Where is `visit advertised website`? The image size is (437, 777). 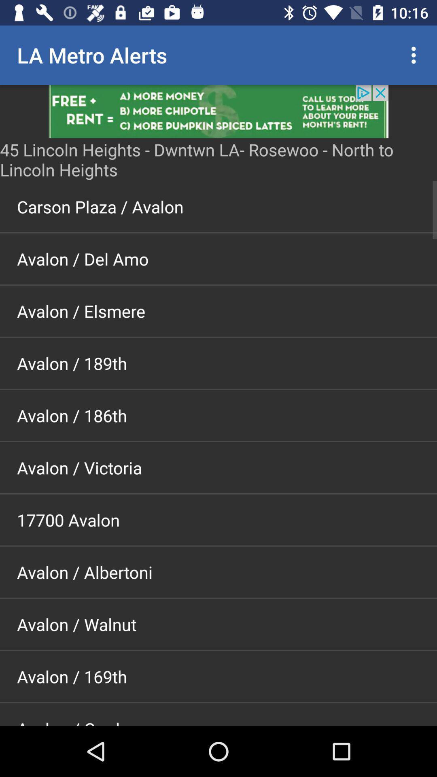
visit advertised website is located at coordinates (218, 111).